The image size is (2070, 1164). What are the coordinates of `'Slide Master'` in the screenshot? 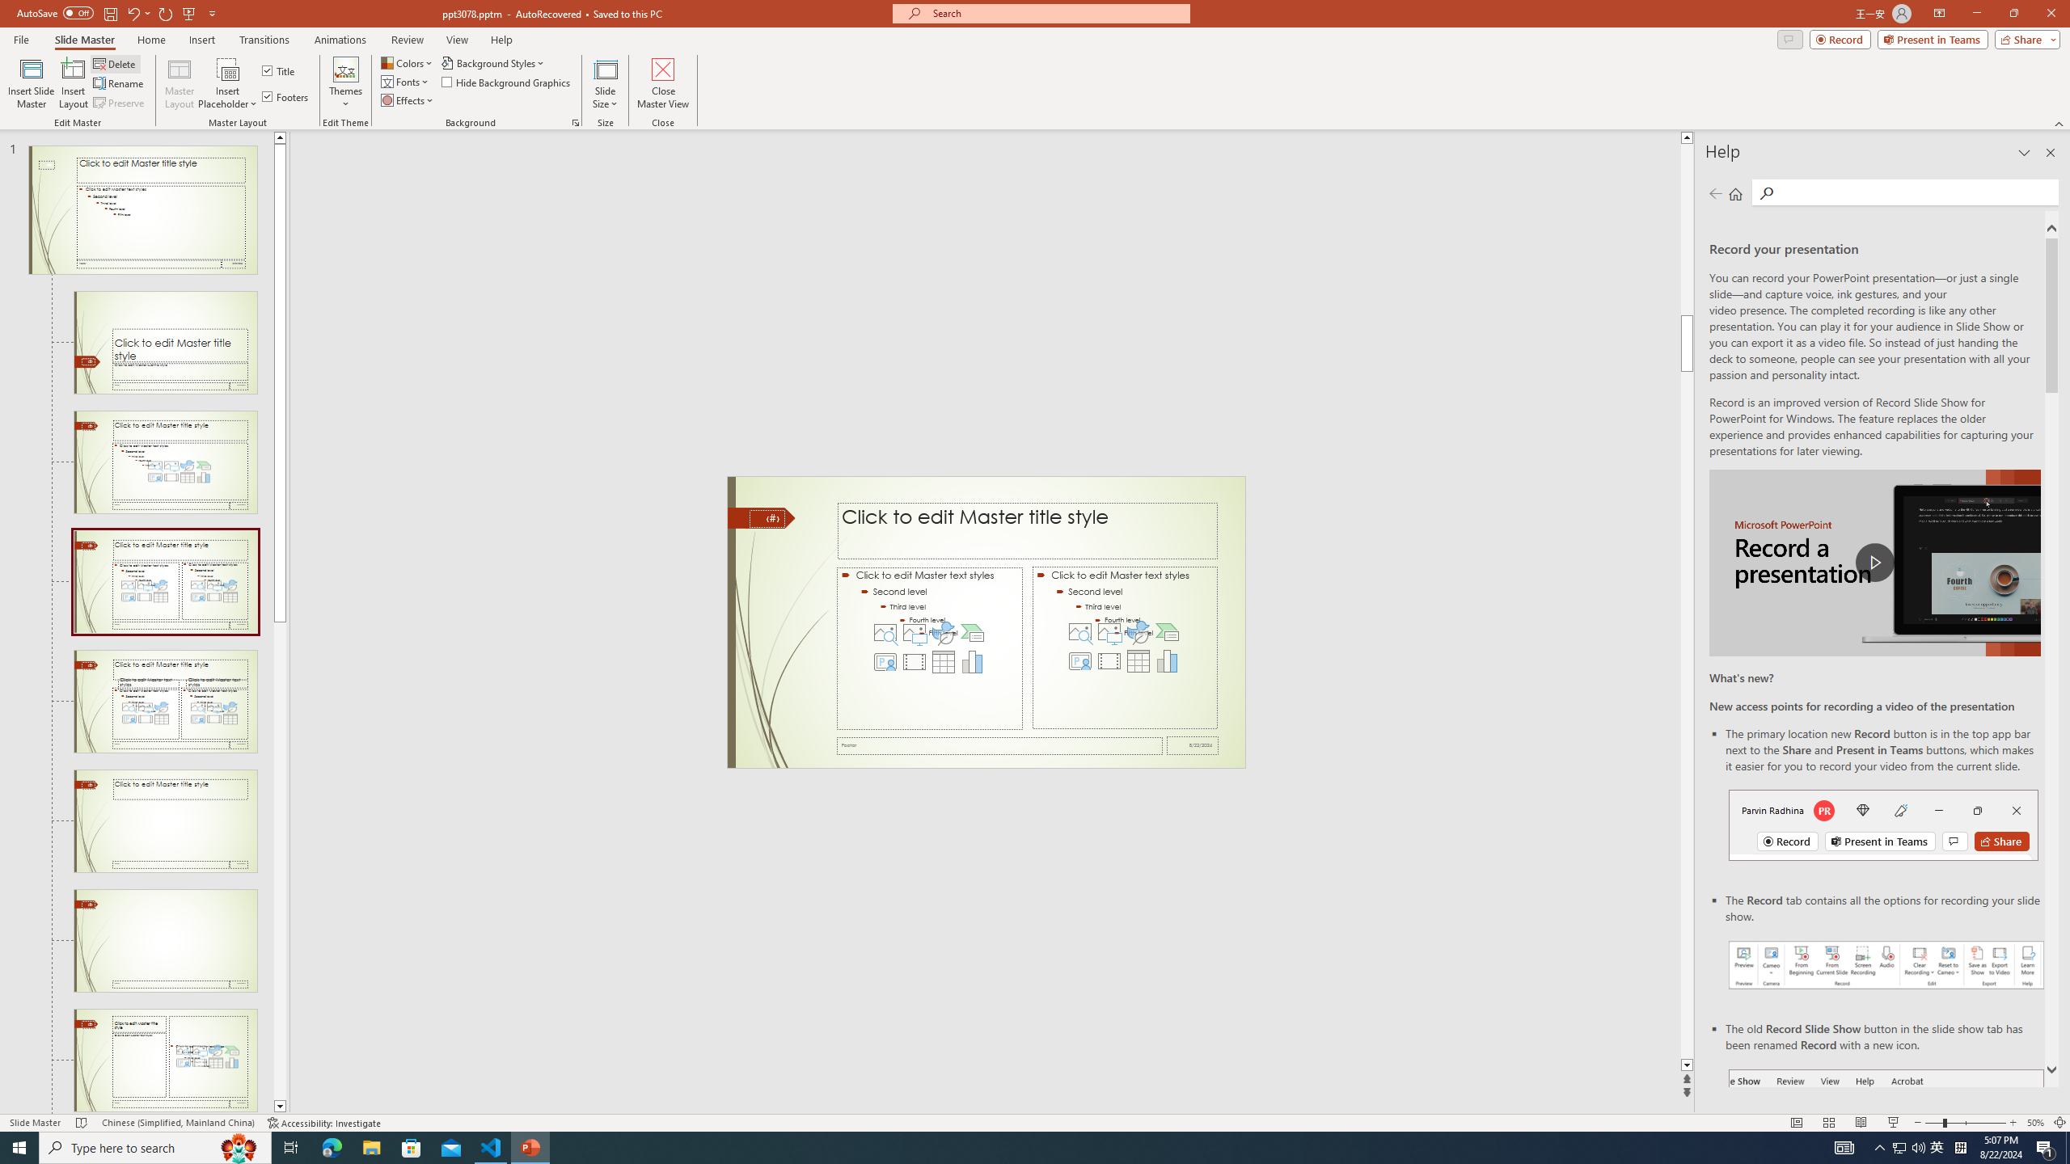 It's located at (83, 40).